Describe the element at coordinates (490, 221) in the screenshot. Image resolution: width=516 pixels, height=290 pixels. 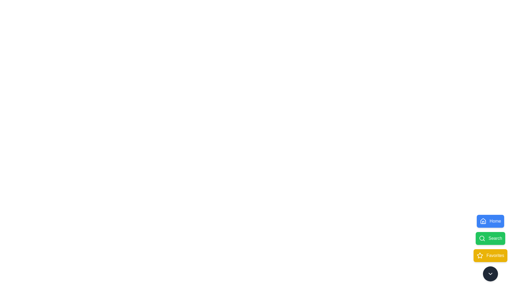
I see `the Home button to observe its animation` at that location.